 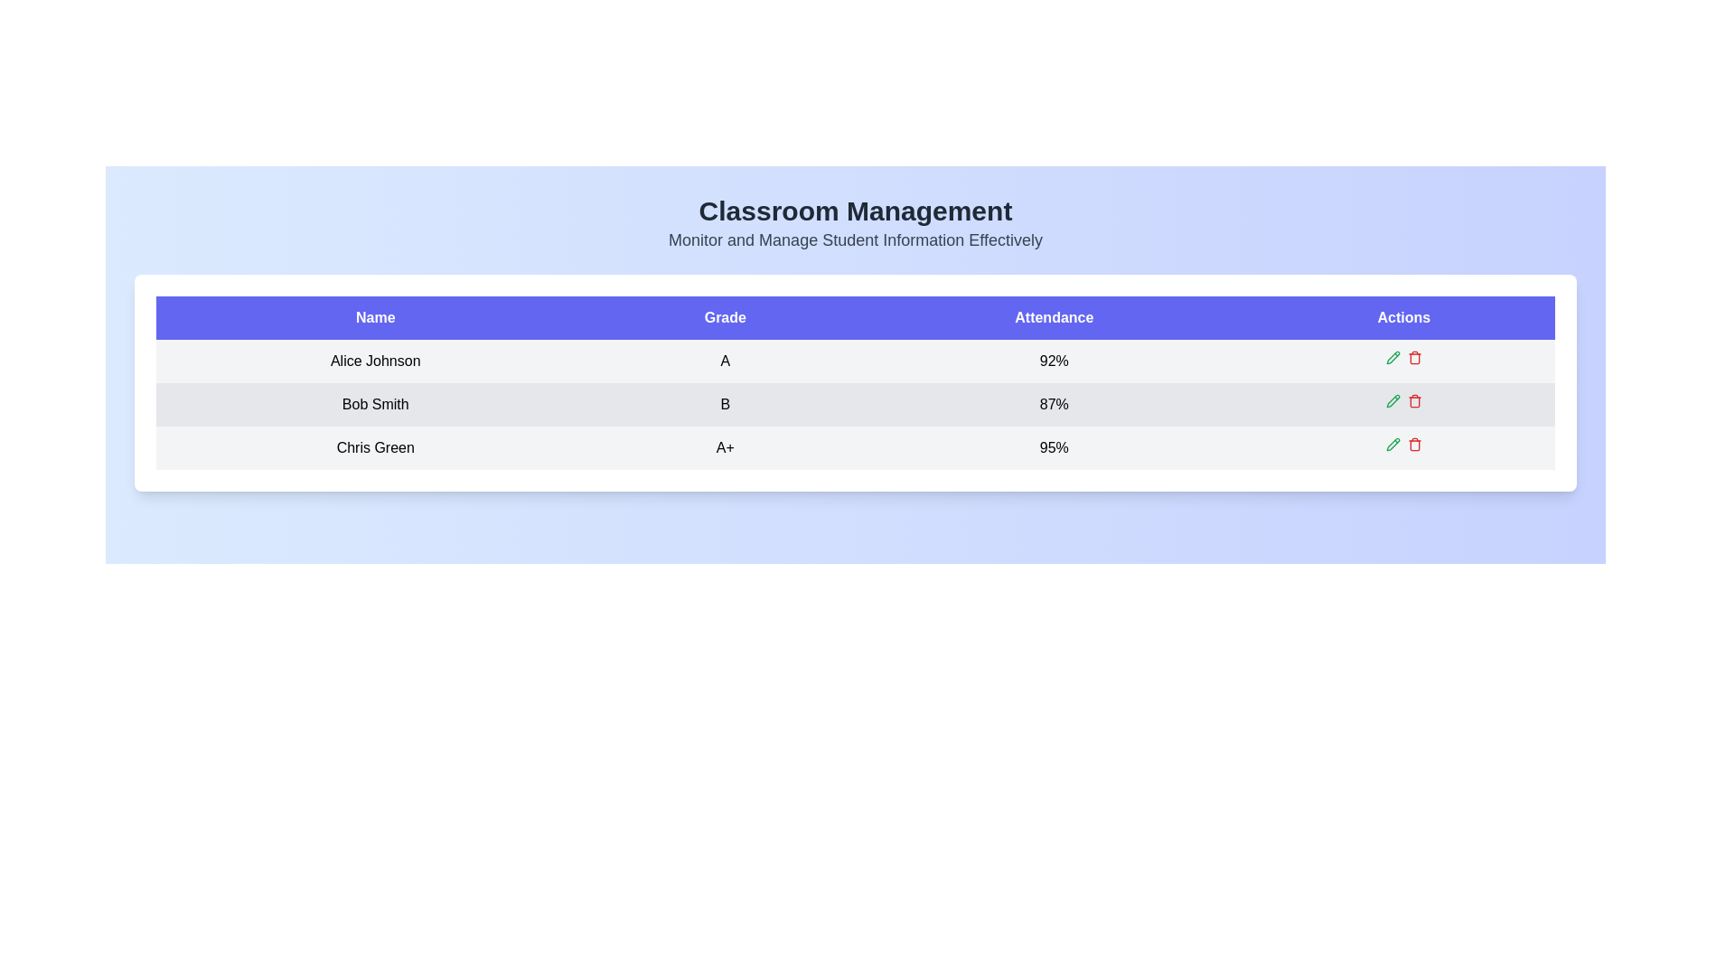 I want to click on the Text heading and subtitle element, which serves as a header for the section about classroom management and student information, so click(x=854, y=222).